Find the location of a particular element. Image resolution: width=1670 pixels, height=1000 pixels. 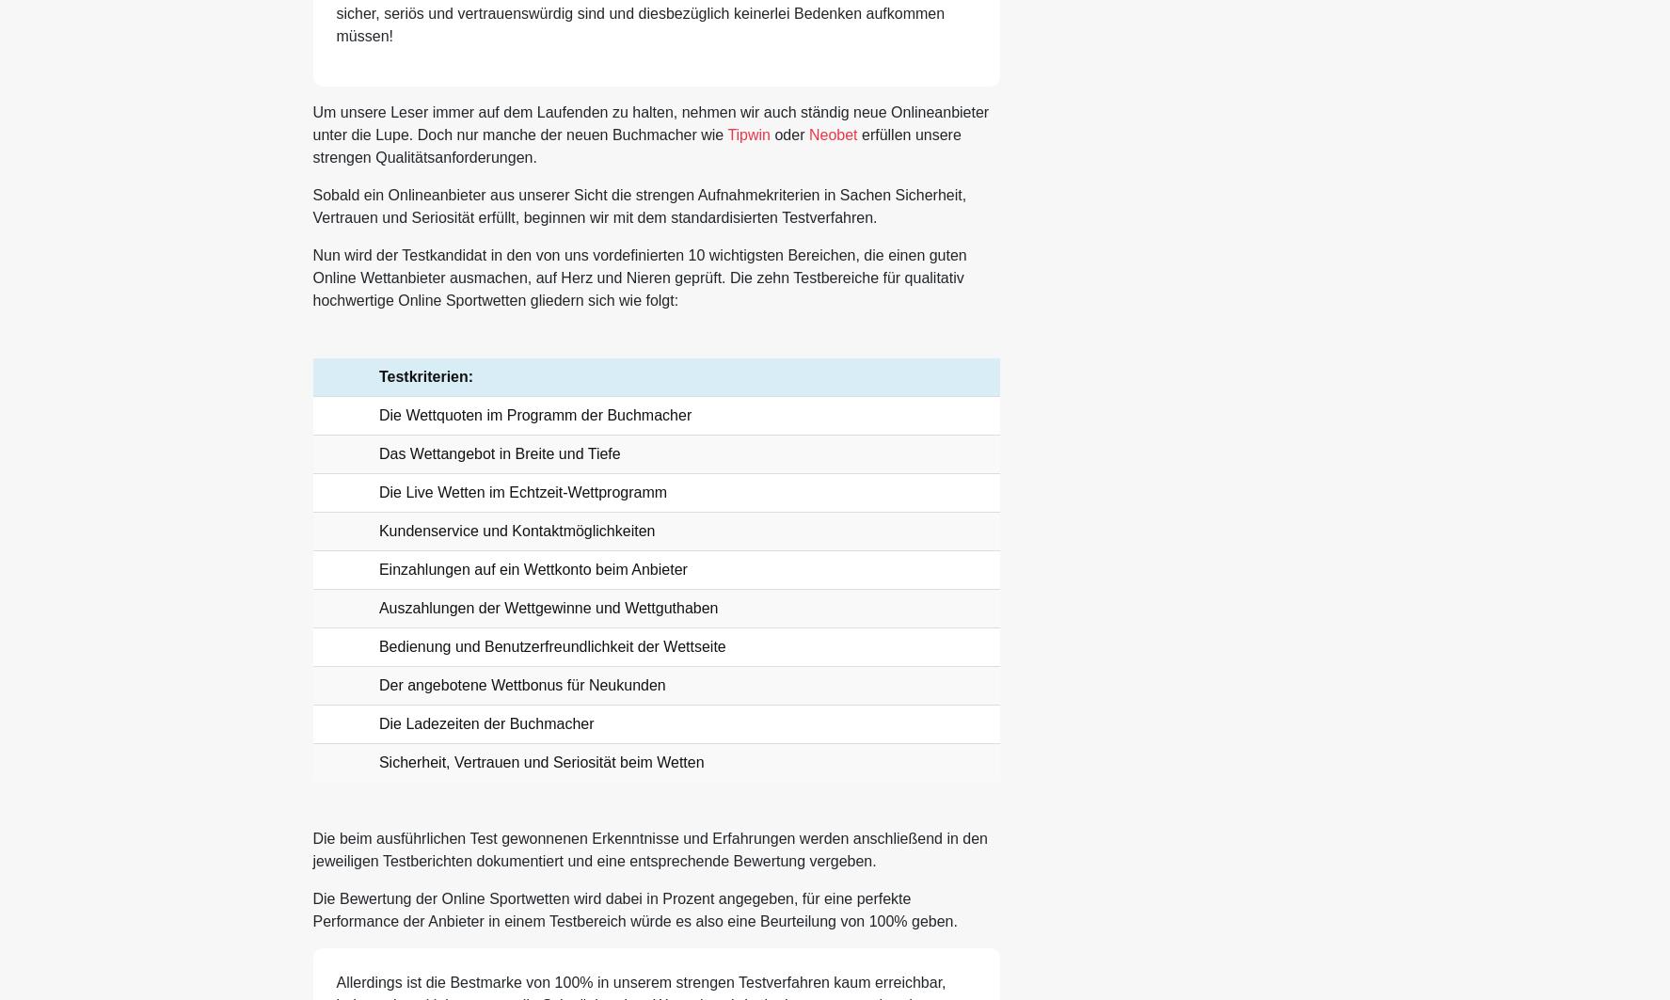

'Das Wettangebot in Breite und Tiefe' is located at coordinates (498, 453).